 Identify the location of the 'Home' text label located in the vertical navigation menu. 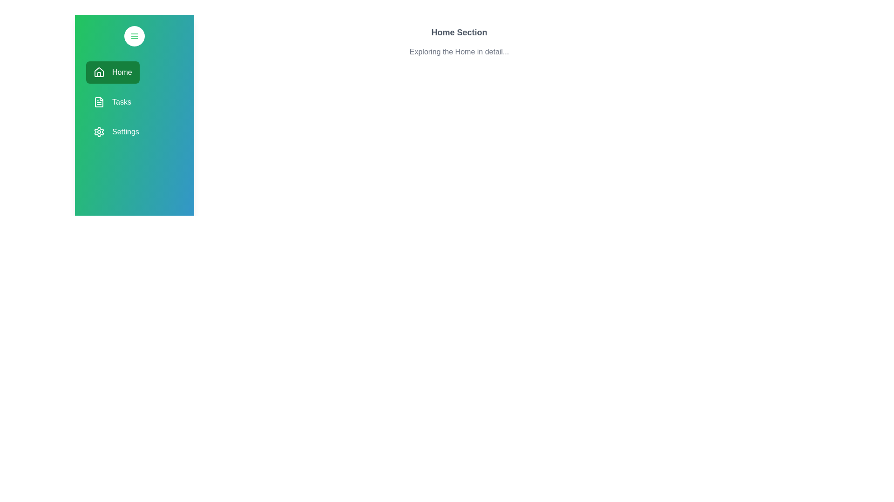
(122, 72).